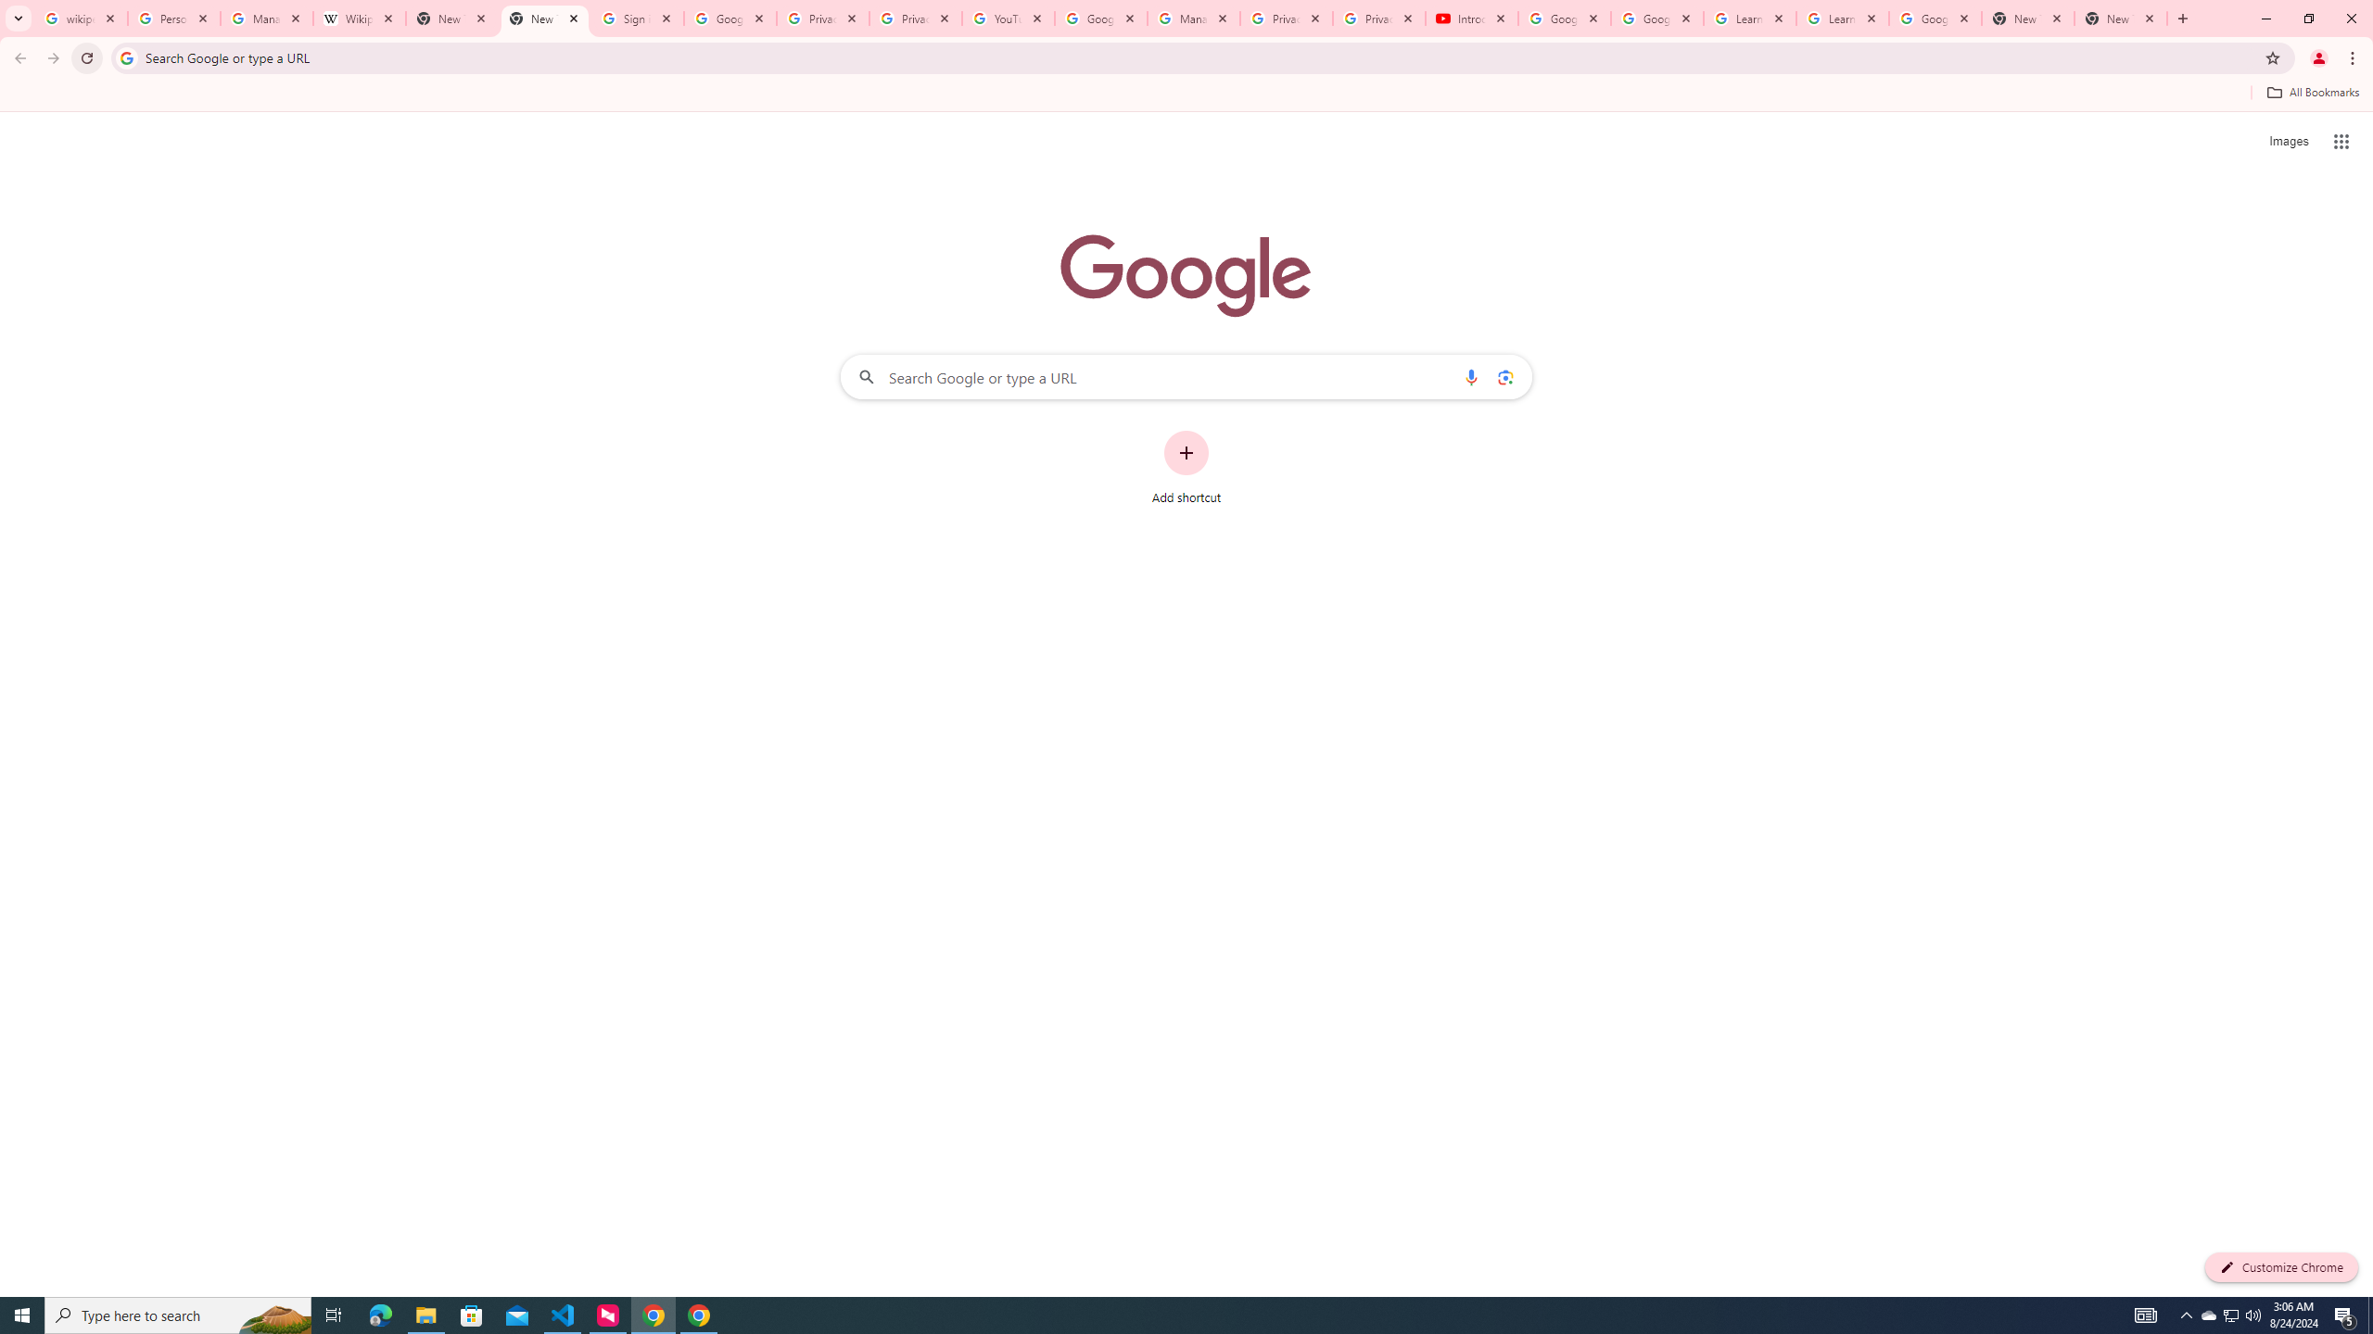 The height and width of the screenshot is (1334, 2373). Describe the element at coordinates (2281, 1266) in the screenshot. I see `'Customize Chrome'` at that location.